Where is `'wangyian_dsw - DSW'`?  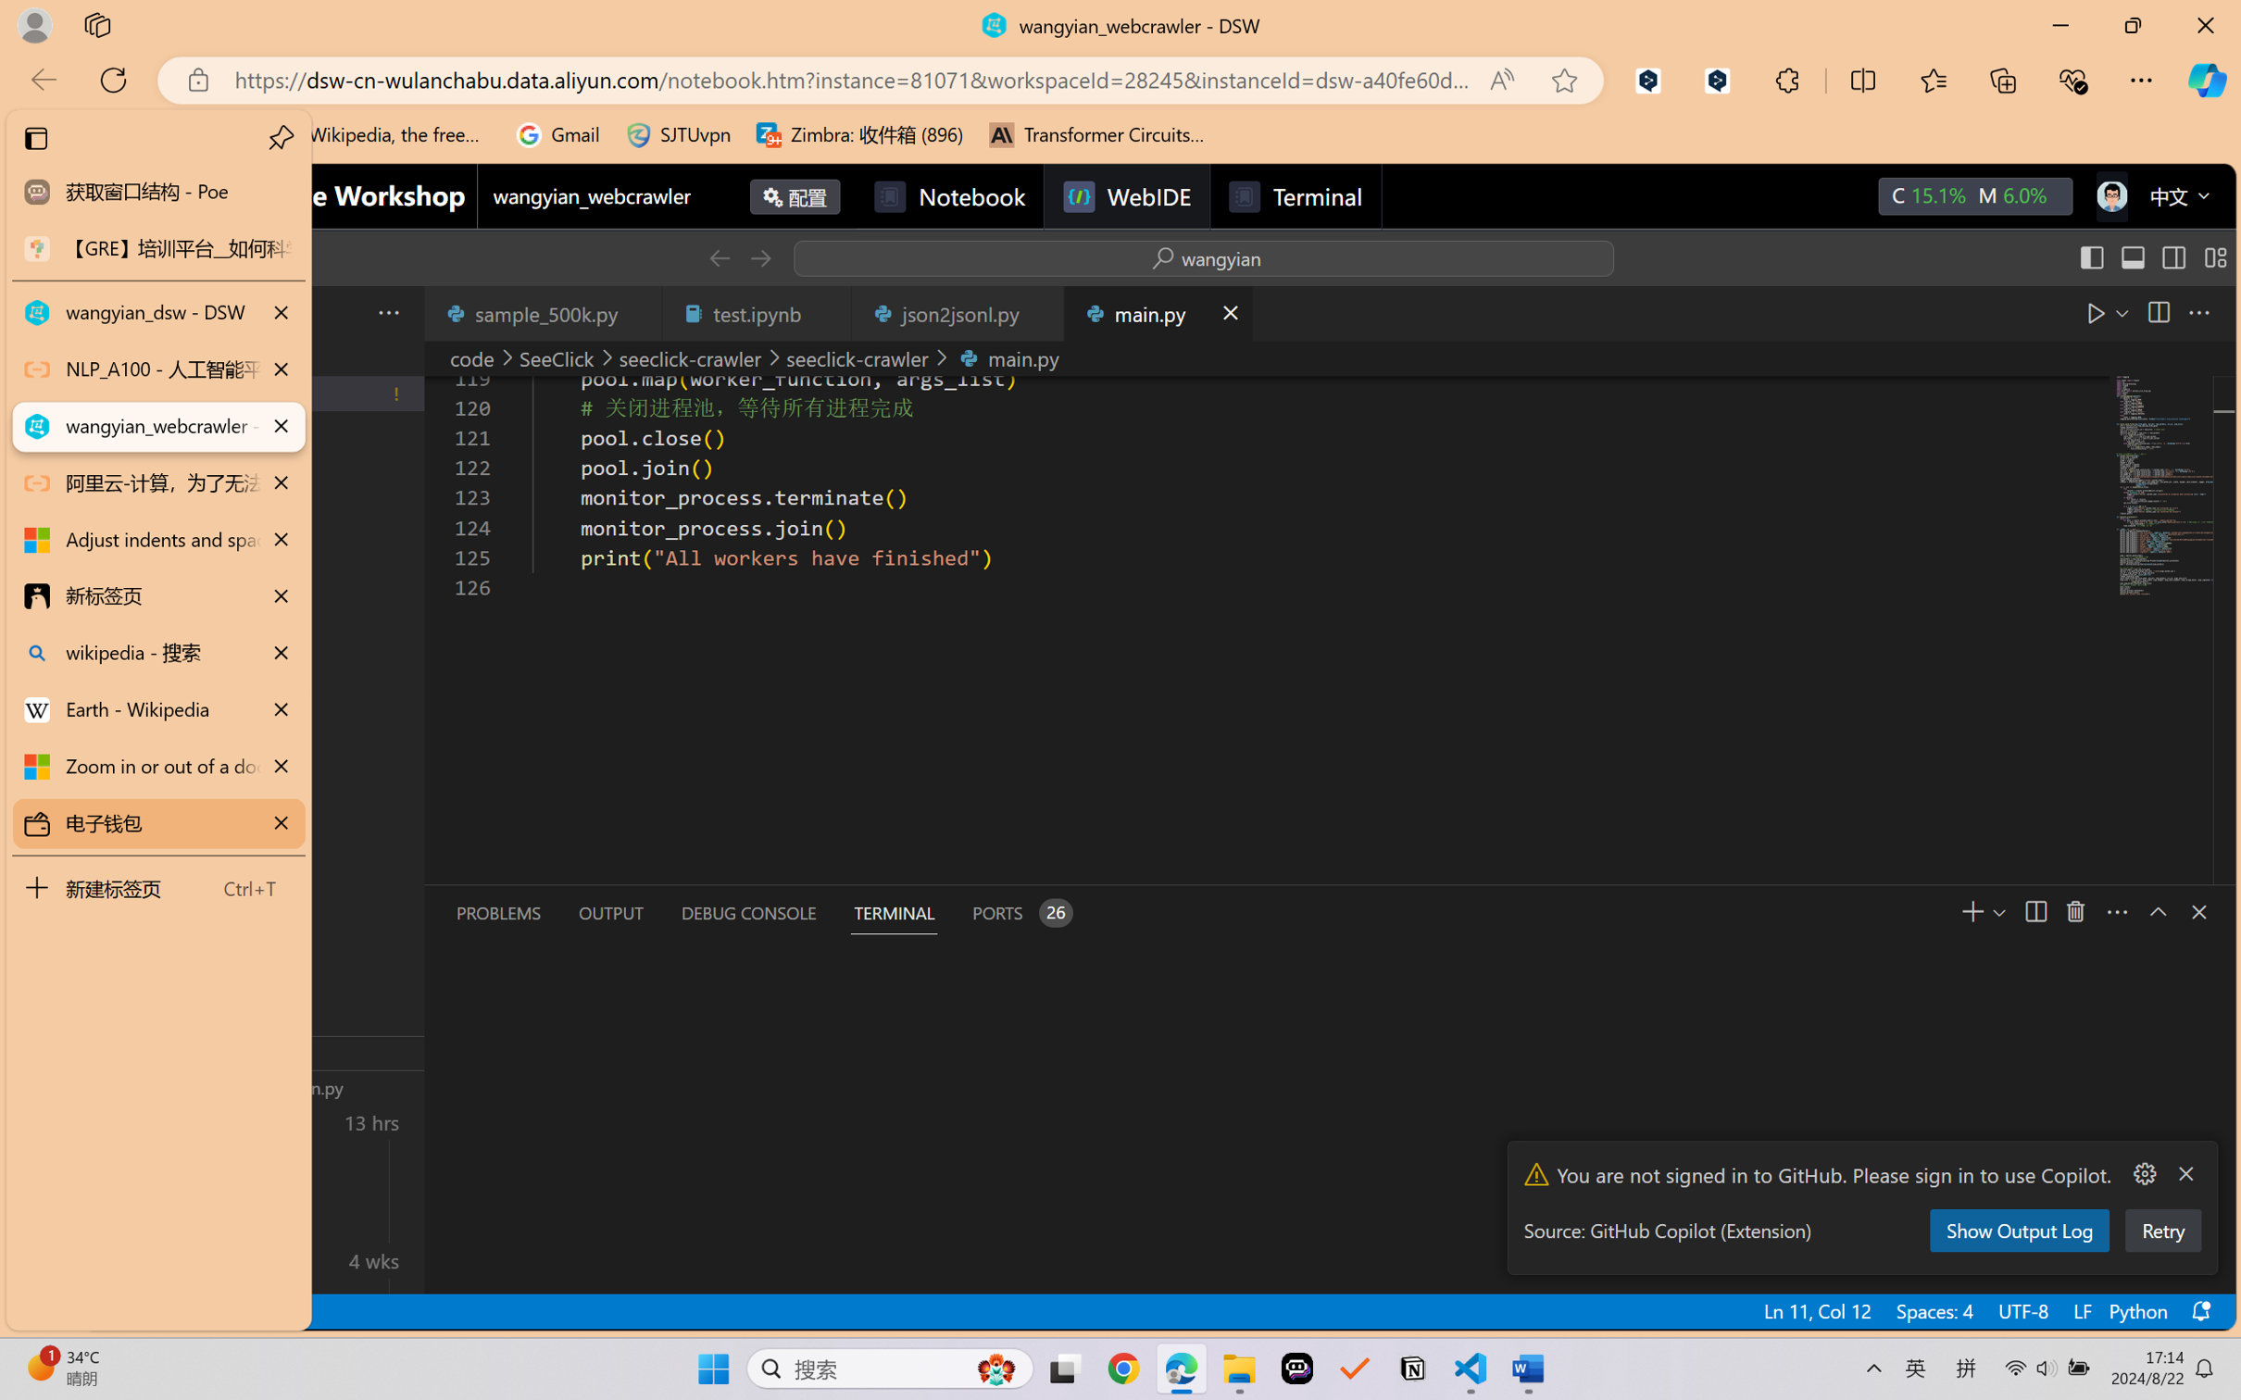
'wangyian_dsw - DSW' is located at coordinates (156, 312).